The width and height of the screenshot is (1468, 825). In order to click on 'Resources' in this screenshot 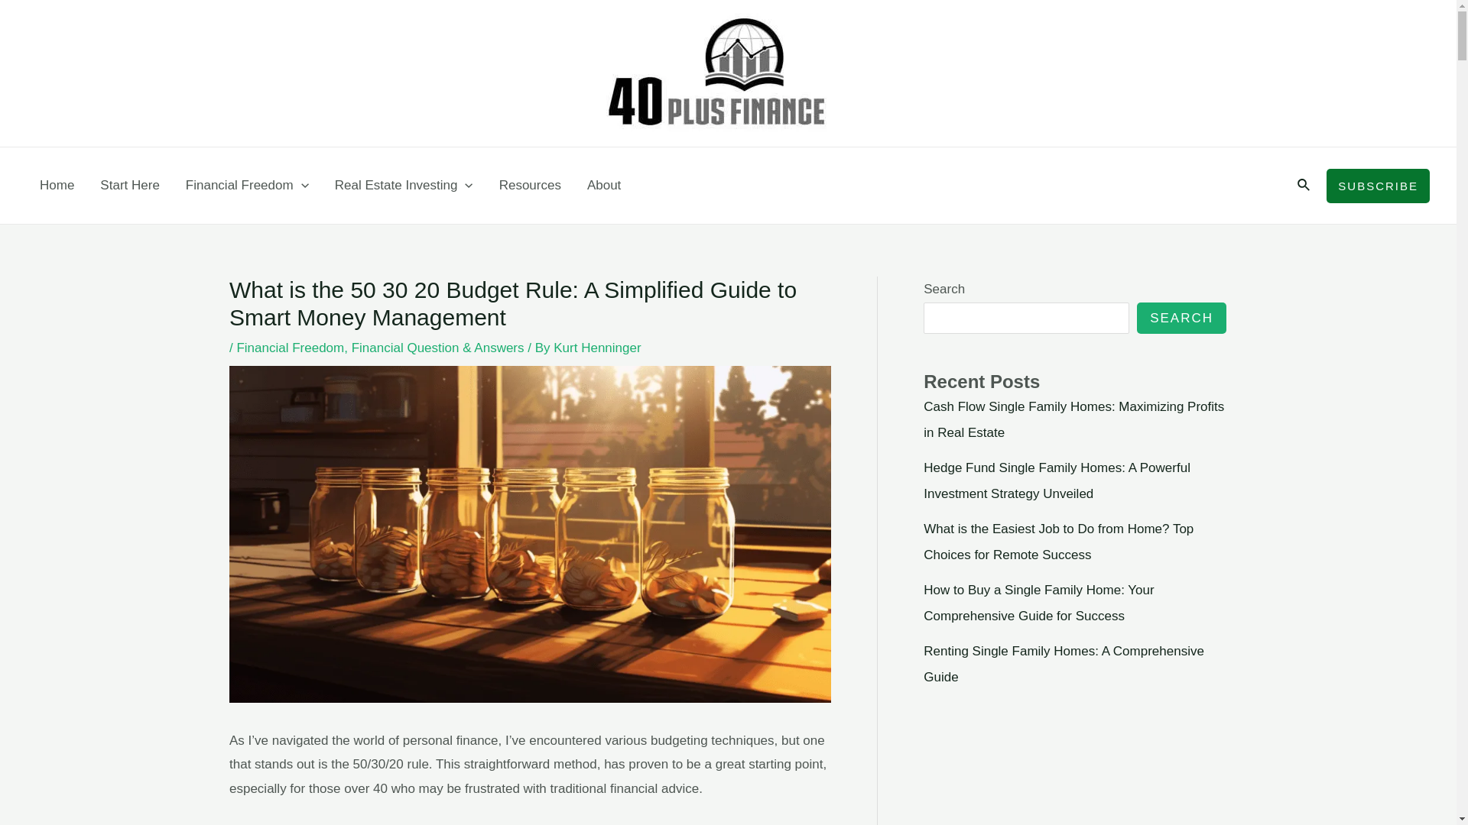, I will do `click(485, 185)`.